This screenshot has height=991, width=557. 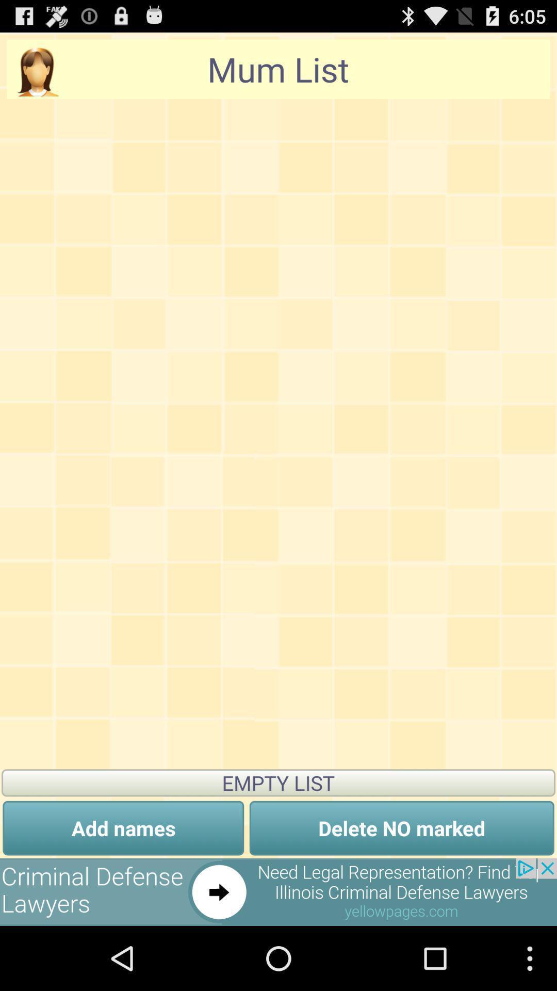 I want to click on linked advertisement page, so click(x=278, y=891).